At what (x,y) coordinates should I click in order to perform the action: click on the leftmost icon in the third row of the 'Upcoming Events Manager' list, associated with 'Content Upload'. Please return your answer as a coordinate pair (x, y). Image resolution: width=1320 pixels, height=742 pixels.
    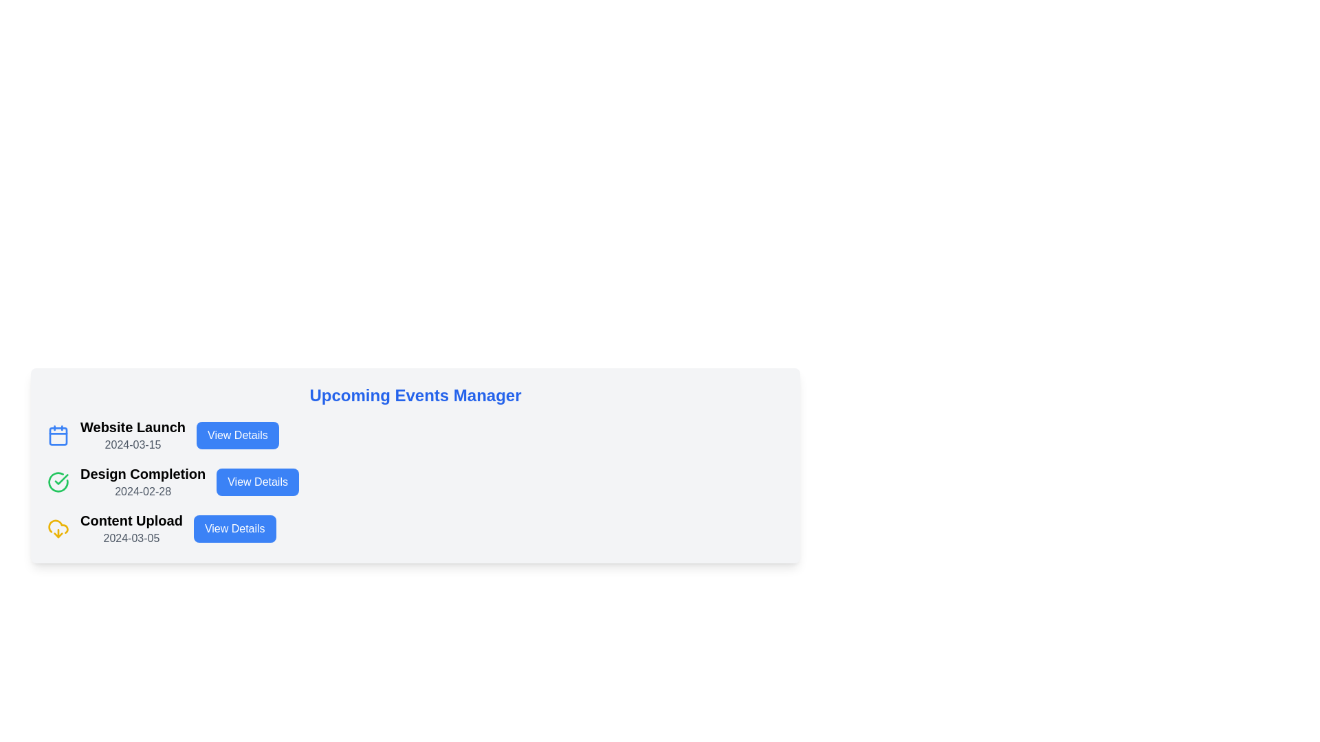
    Looking at the image, I should click on (58, 528).